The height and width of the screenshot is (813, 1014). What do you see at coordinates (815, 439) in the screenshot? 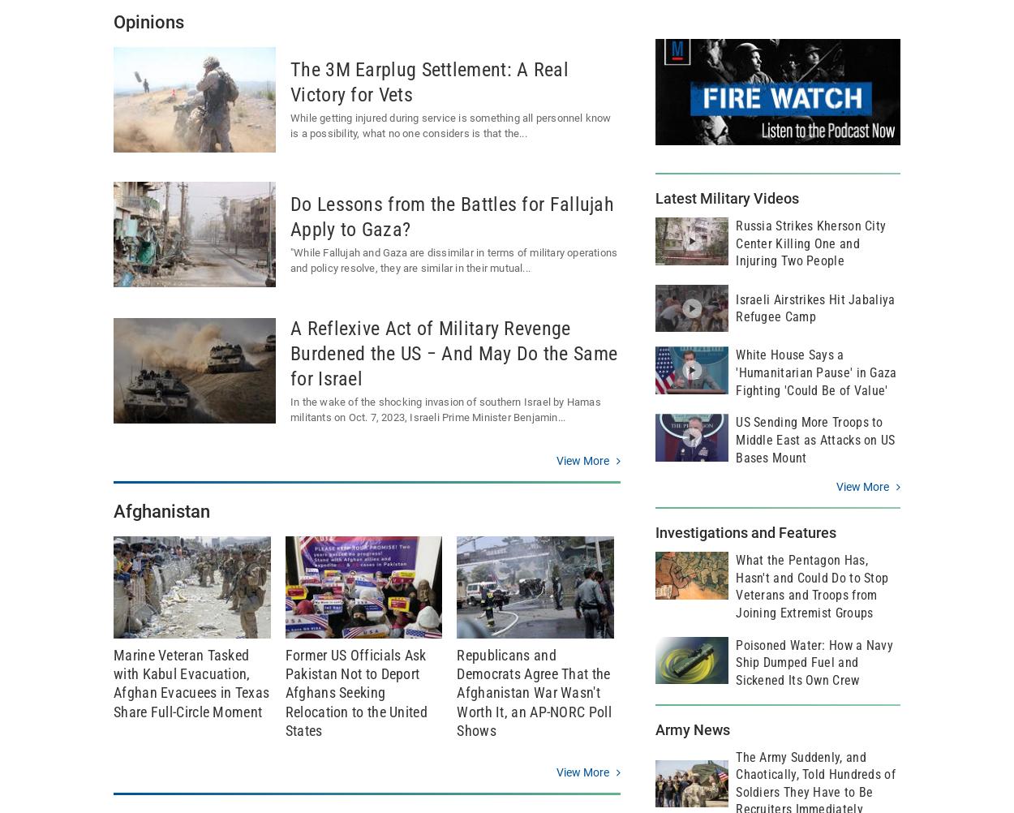
I see `'US Sending More Troops to Middle East as Attacks on US Bases Mount'` at bounding box center [815, 439].